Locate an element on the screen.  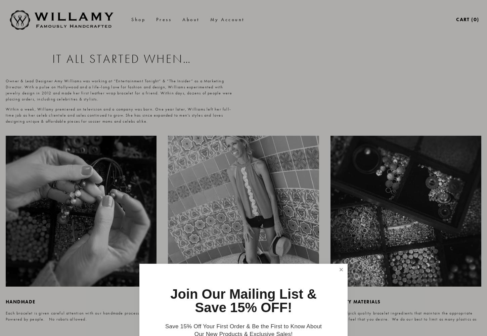
'Cart' is located at coordinates (462, 19).